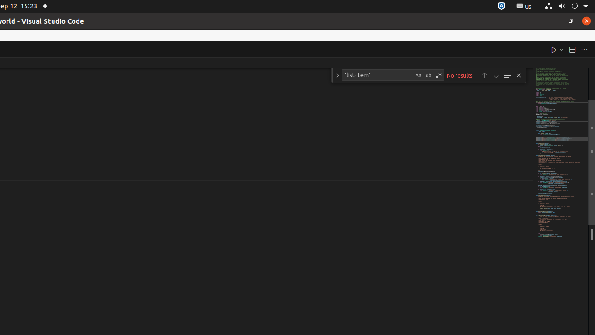 This screenshot has height=335, width=595. What do you see at coordinates (583, 49) in the screenshot?
I see `'More Actions...'` at bounding box center [583, 49].